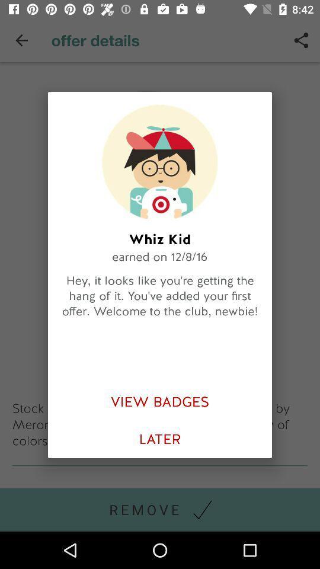 The width and height of the screenshot is (320, 569). Describe the element at coordinates (160, 439) in the screenshot. I see `later icon` at that location.